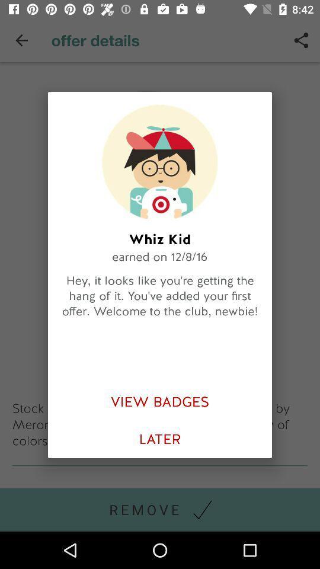 The width and height of the screenshot is (320, 569). Describe the element at coordinates (160, 439) in the screenshot. I see `later icon` at that location.